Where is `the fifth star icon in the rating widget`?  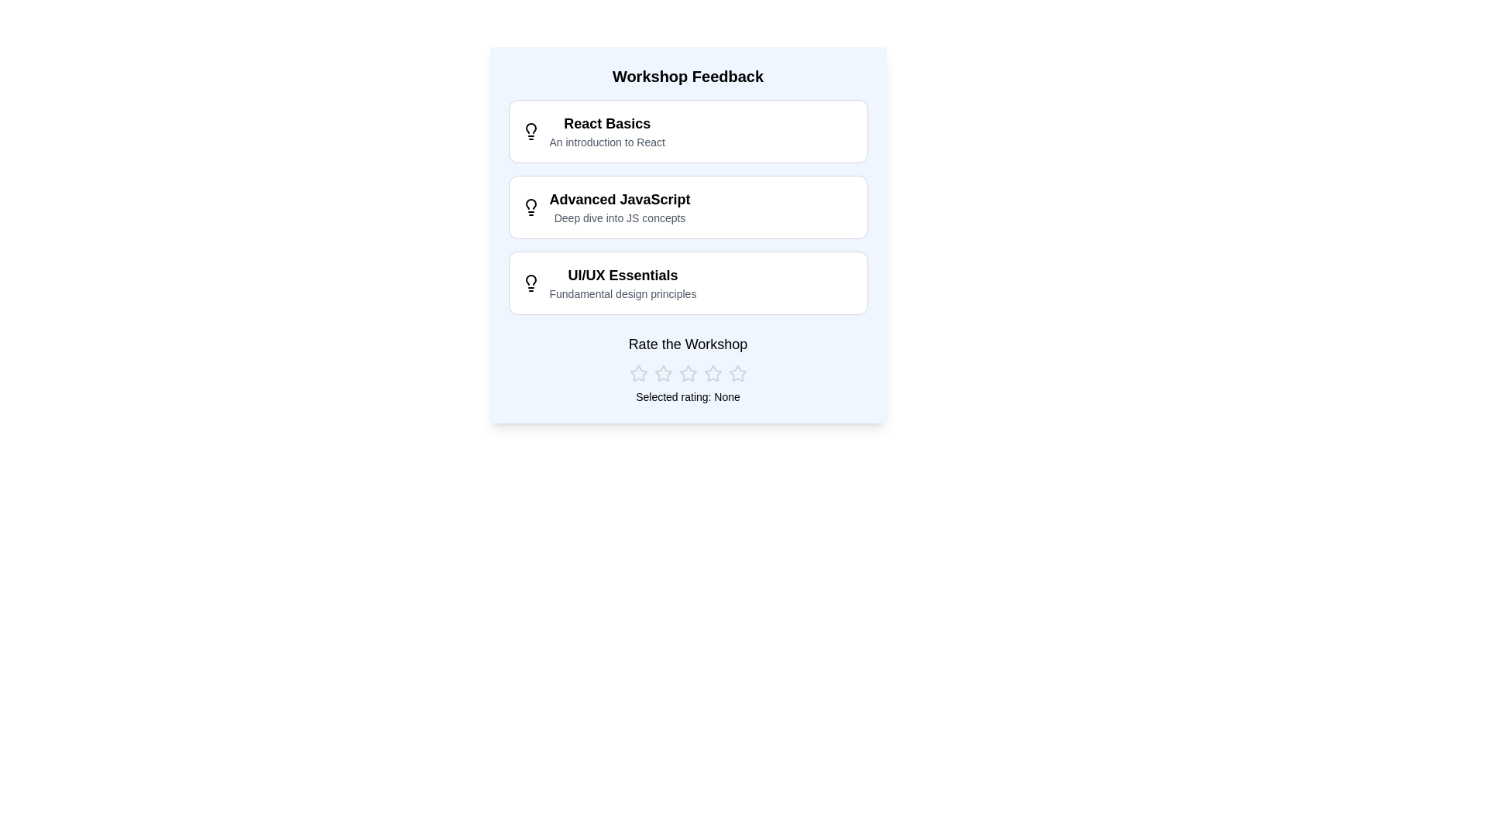
the fifth star icon in the rating widget is located at coordinates (737, 373).